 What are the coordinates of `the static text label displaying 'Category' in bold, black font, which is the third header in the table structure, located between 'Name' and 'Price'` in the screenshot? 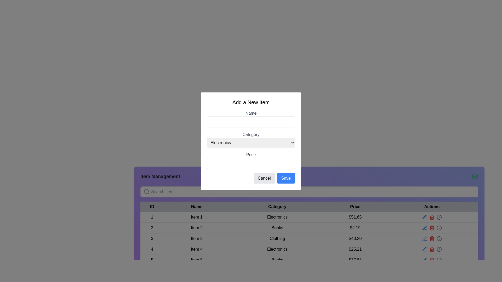 It's located at (277, 206).